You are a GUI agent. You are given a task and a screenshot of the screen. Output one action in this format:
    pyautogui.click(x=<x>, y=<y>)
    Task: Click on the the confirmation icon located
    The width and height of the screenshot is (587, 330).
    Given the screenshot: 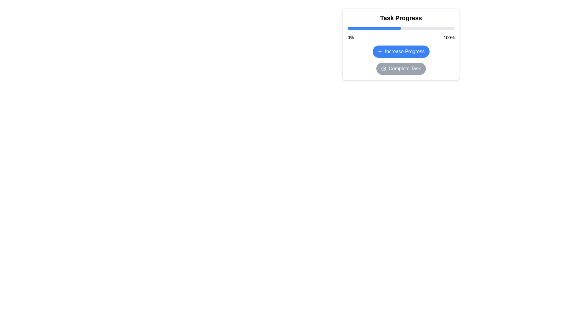 What is the action you would take?
    pyautogui.click(x=383, y=68)
    